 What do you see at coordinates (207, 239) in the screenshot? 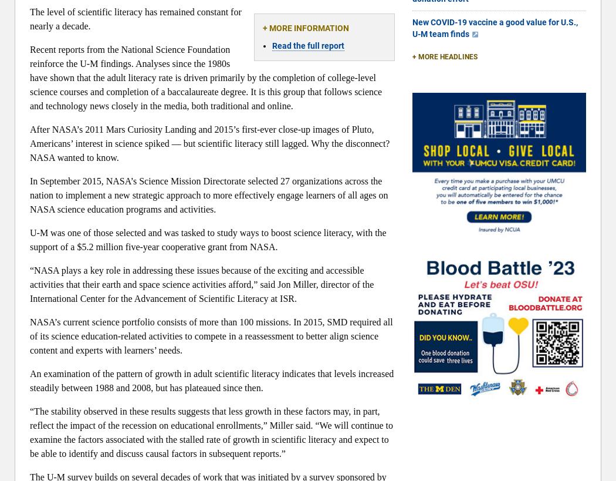
I see `'U-M was one of those selected and was tasked to study ways to boost science literacy, with the support of a $5.2 million five-year cooperative grant from NASA.'` at bounding box center [207, 239].